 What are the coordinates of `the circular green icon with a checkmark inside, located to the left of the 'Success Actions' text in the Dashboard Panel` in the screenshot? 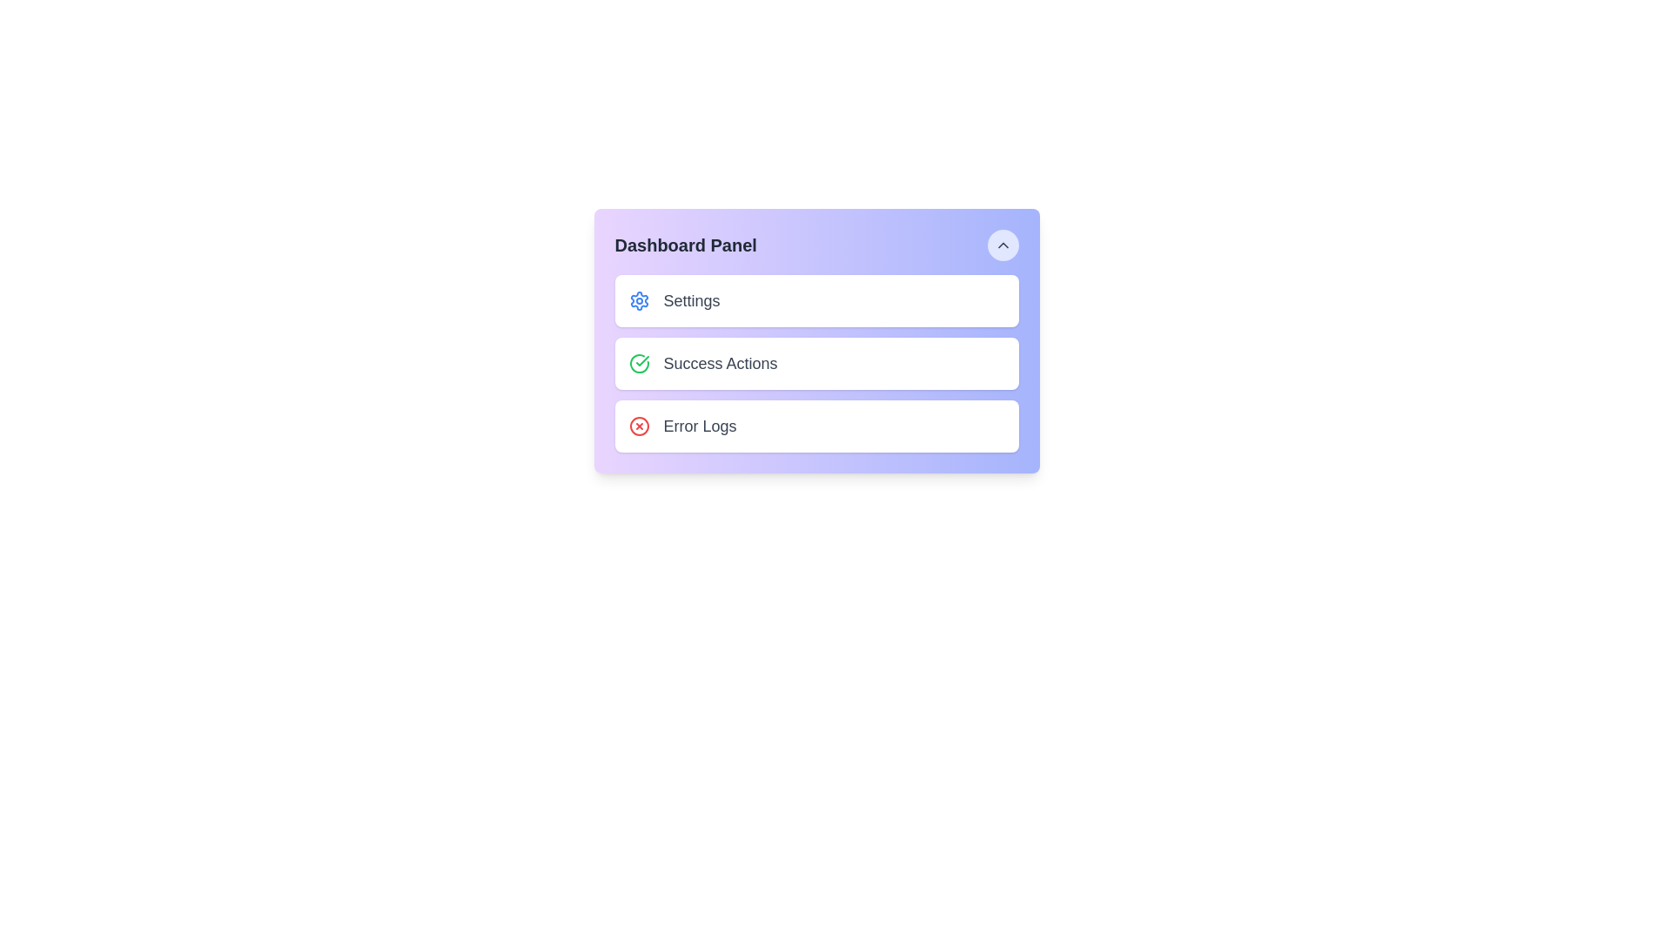 It's located at (638, 362).